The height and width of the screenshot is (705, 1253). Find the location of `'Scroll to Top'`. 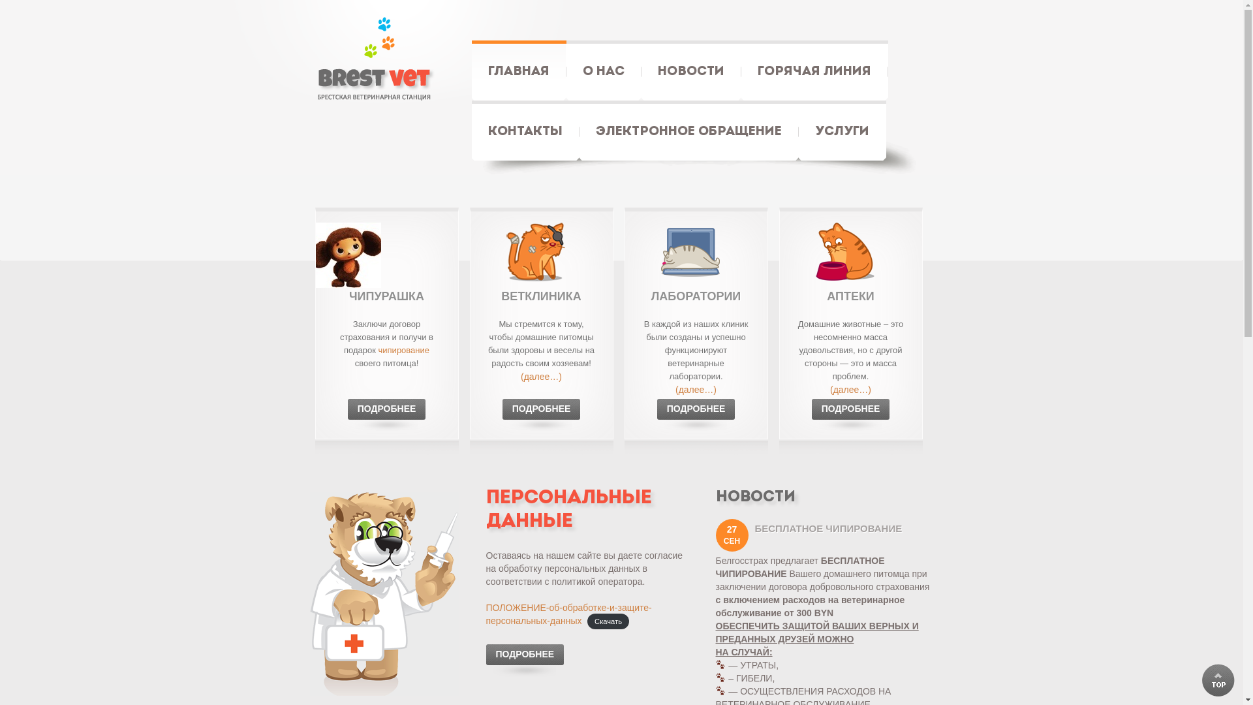

'Scroll to Top' is located at coordinates (1201, 679).